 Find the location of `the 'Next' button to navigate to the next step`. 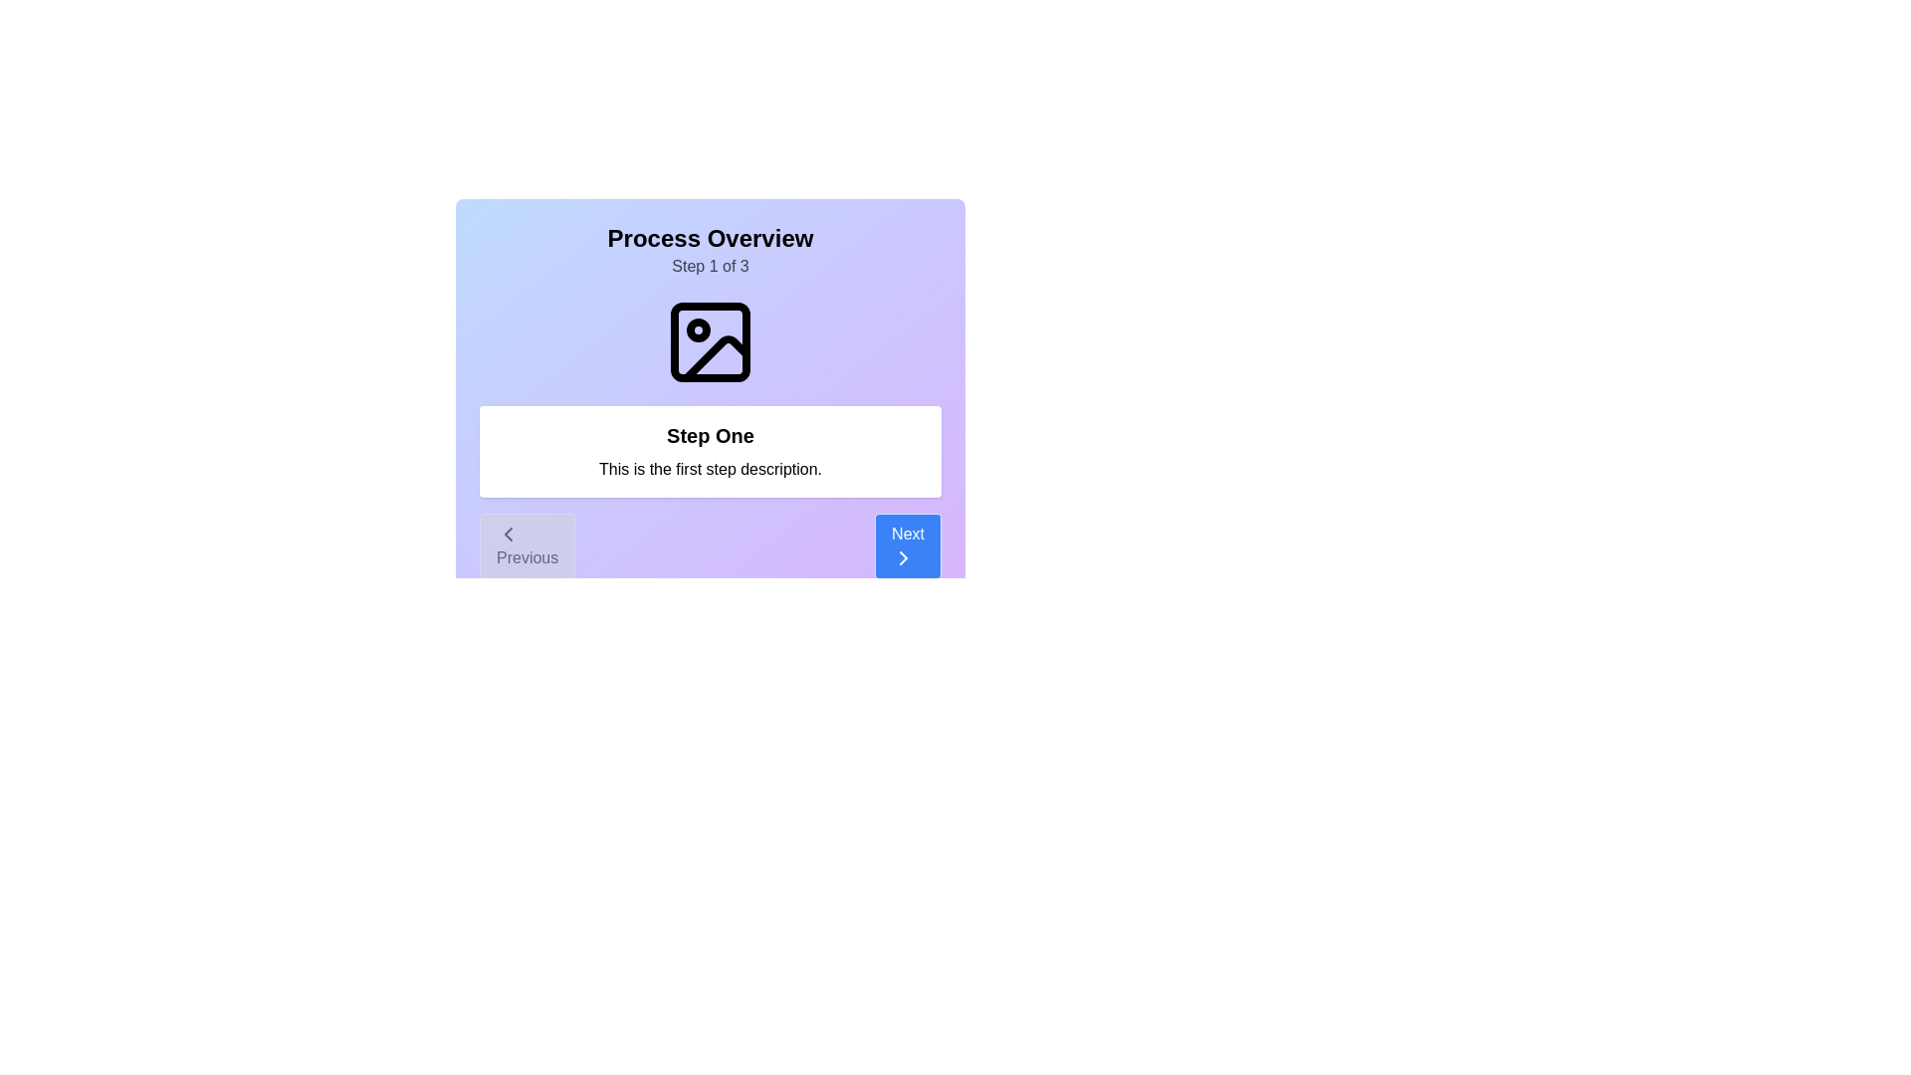

the 'Next' button to navigate to the next step is located at coordinates (907, 545).